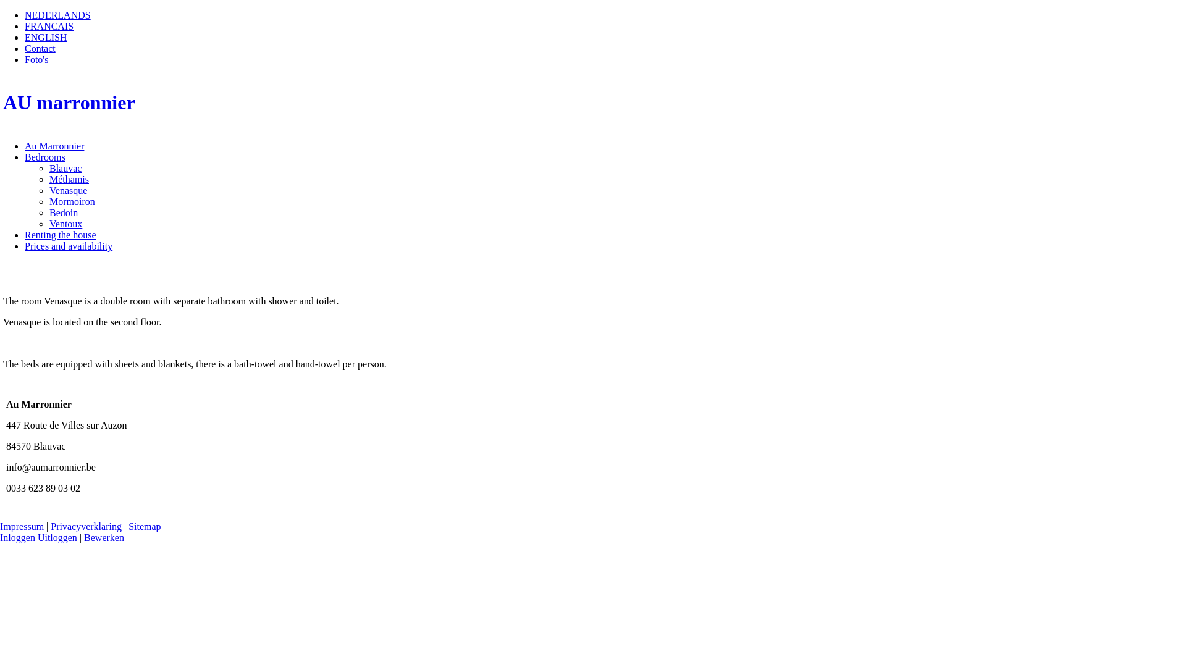 The image size is (1186, 667). I want to click on 'Sitemap', so click(145, 526).